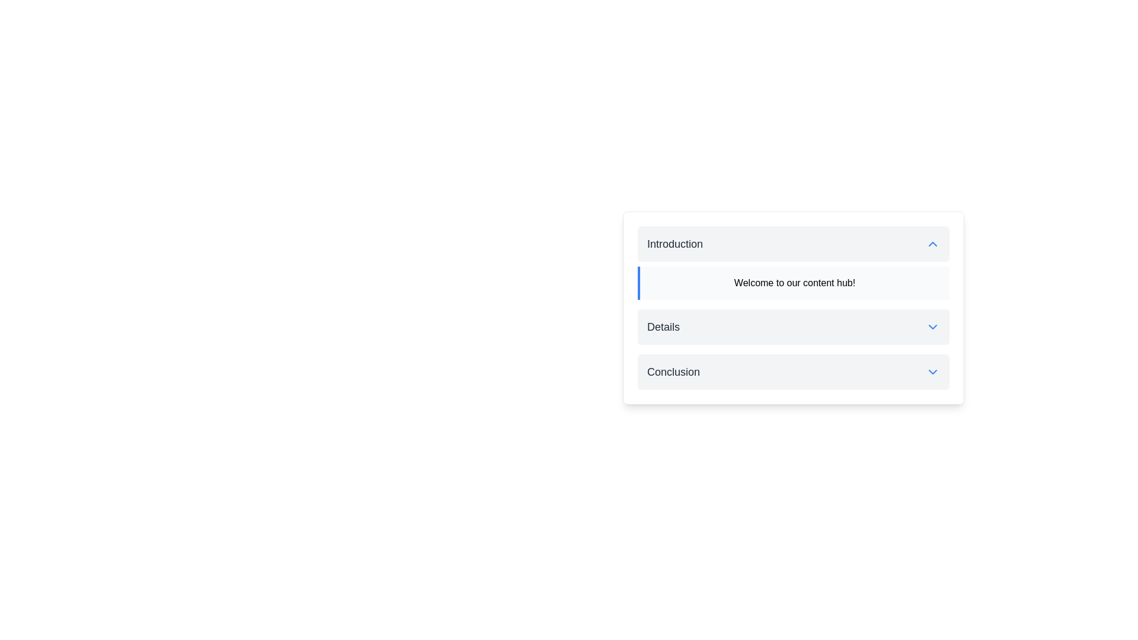 This screenshot has height=640, width=1138. What do you see at coordinates (675, 244) in the screenshot?
I see `the text label displaying 'Introduction' in bold, large font style, which is dark gray on a light gray background, located in the upper area of a content section` at bounding box center [675, 244].